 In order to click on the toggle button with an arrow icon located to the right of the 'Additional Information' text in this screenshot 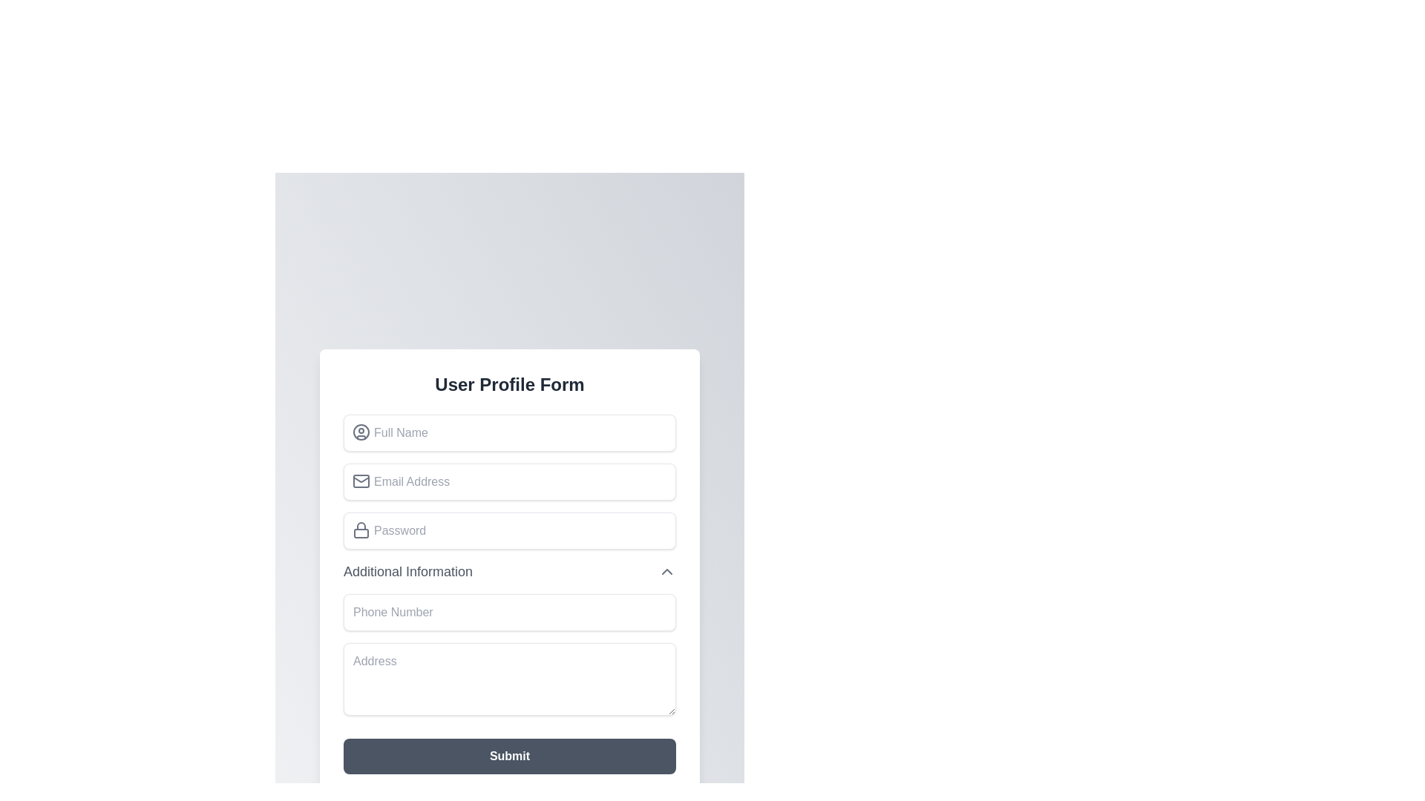, I will do `click(666, 570)`.